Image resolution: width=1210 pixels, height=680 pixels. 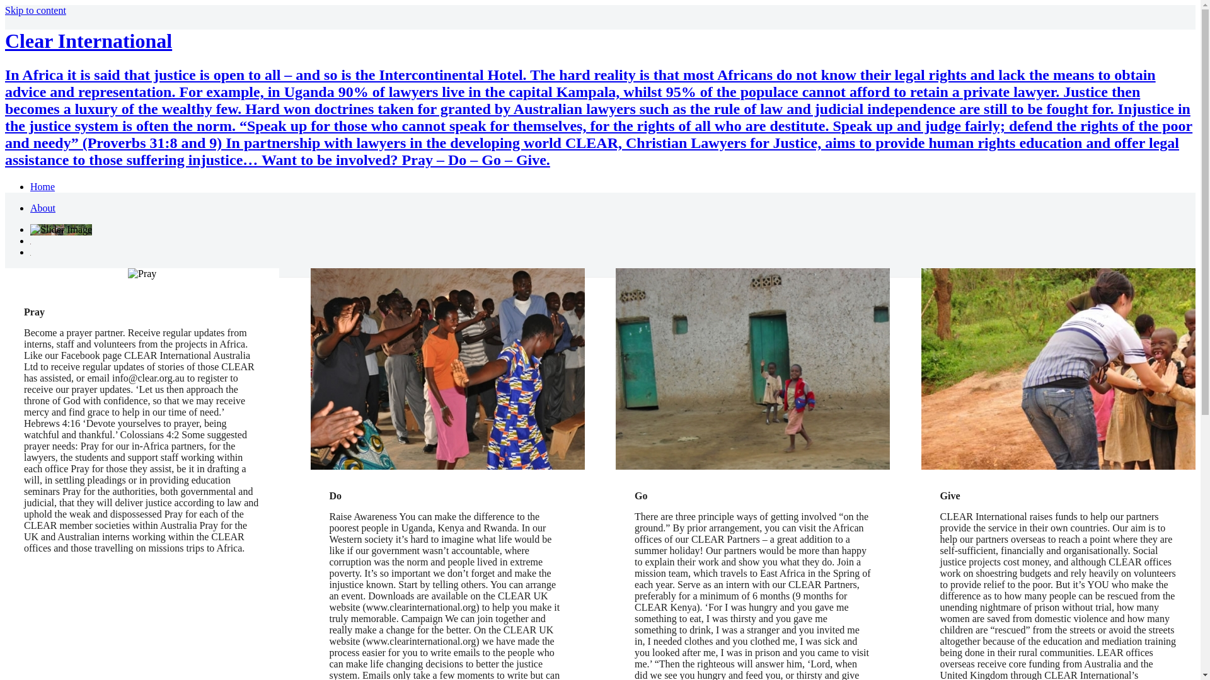 What do you see at coordinates (35, 10) in the screenshot?
I see `'Skip to content'` at bounding box center [35, 10].